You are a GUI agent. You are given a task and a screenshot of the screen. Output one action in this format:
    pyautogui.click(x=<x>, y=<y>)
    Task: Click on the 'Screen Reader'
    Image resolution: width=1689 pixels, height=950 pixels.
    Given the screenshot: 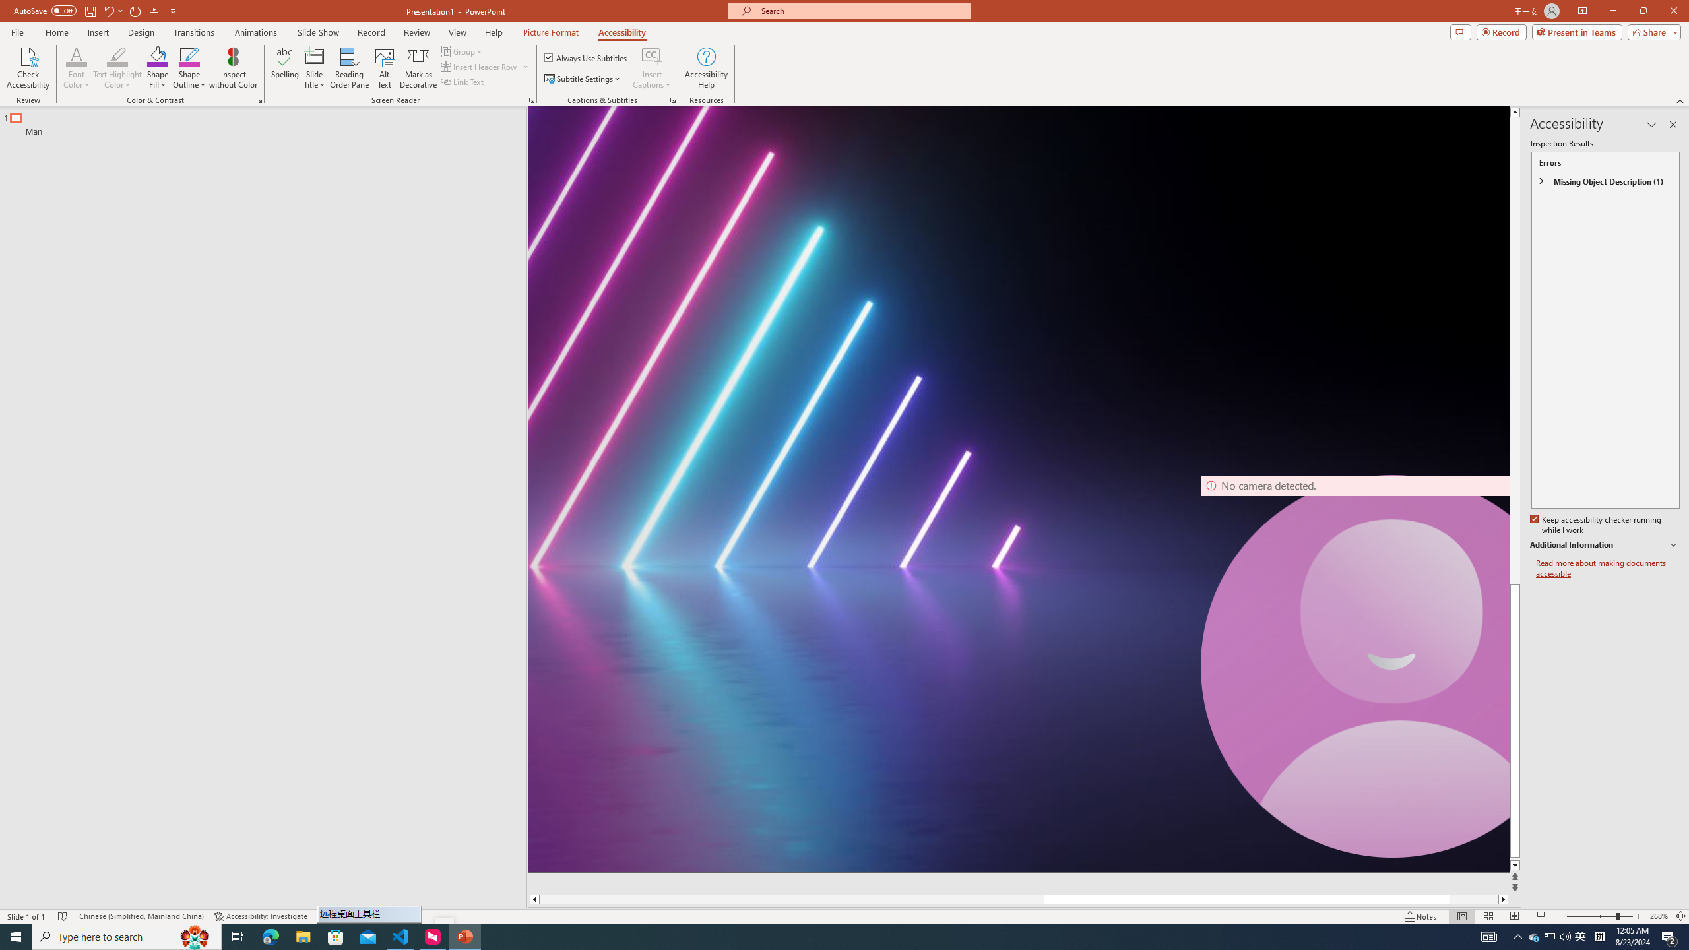 What is the action you would take?
    pyautogui.click(x=532, y=99)
    